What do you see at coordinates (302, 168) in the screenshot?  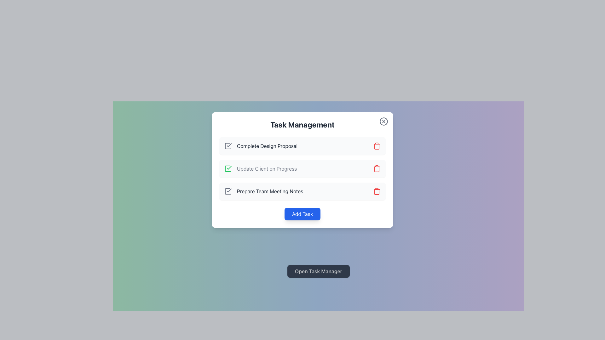 I see `the Task List Component for details on the tasks, which include 'Complete Design Proposal', 'Update Client on Progress', and 'Prepare Team Meeting Notes'` at bounding box center [302, 168].